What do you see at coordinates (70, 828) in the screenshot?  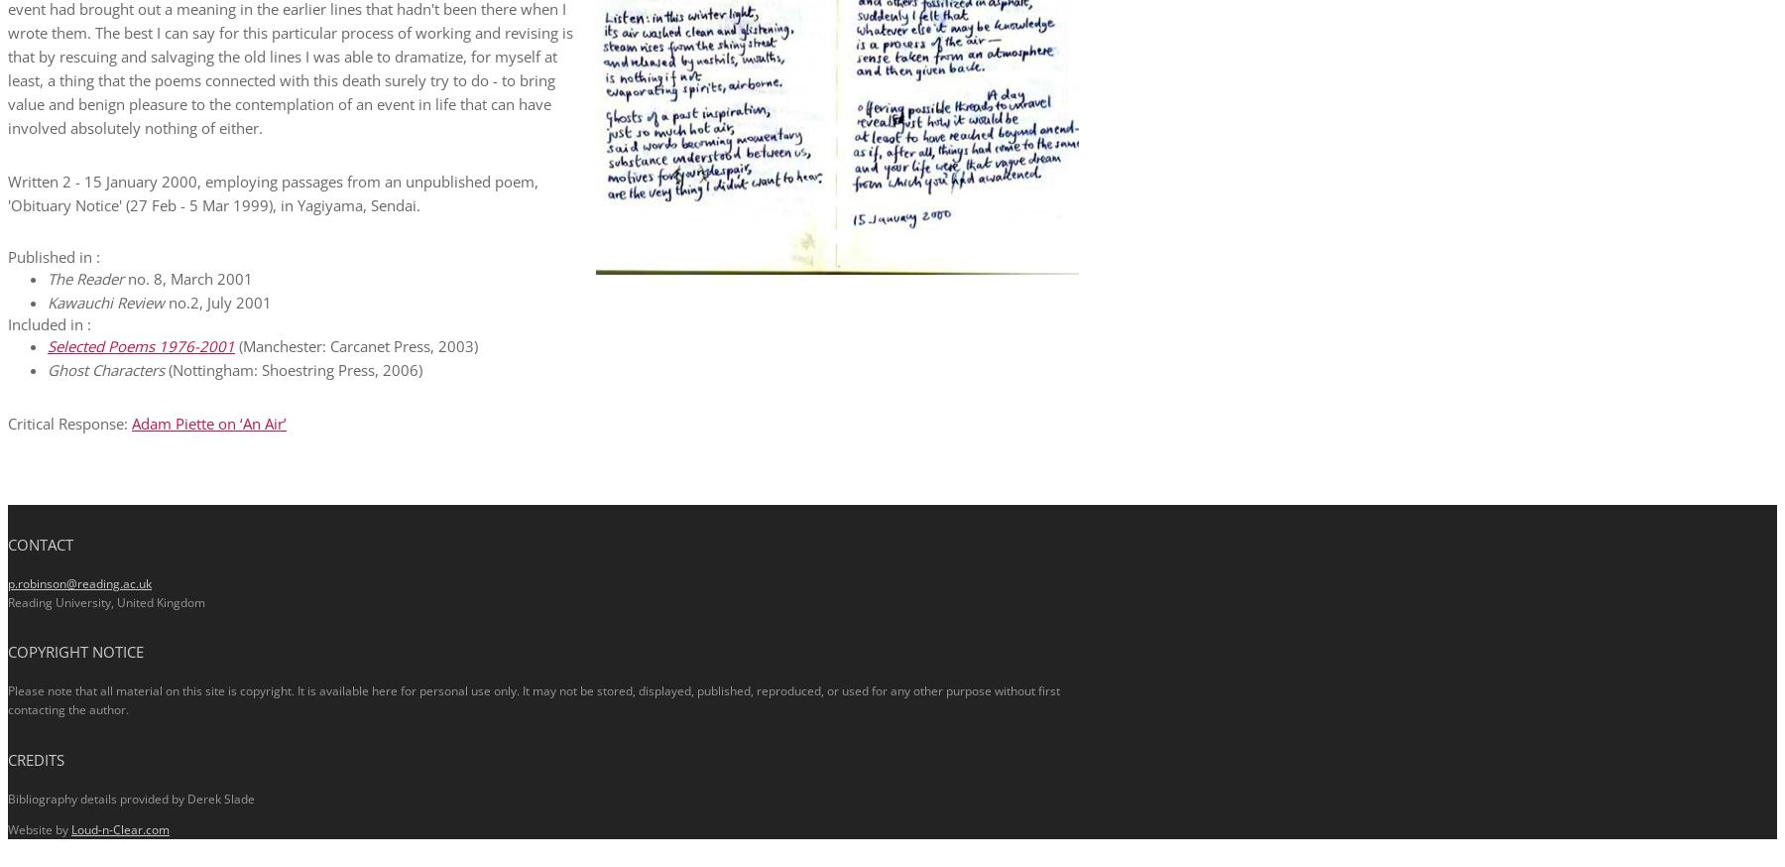 I see `'Loud-n-Clear.com'` at bounding box center [70, 828].